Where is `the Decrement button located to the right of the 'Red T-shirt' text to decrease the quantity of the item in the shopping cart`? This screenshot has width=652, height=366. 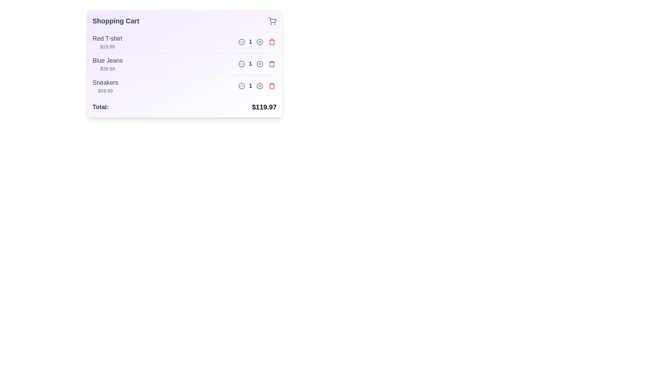 the Decrement button located to the right of the 'Red T-shirt' text to decrease the quantity of the item in the shopping cart is located at coordinates (241, 42).